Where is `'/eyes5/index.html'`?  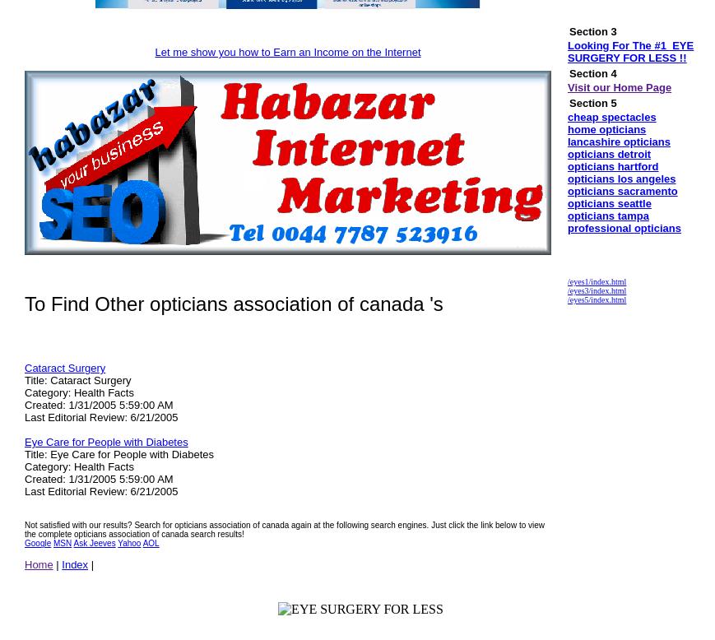 '/eyes5/index.html' is located at coordinates (597, 299).